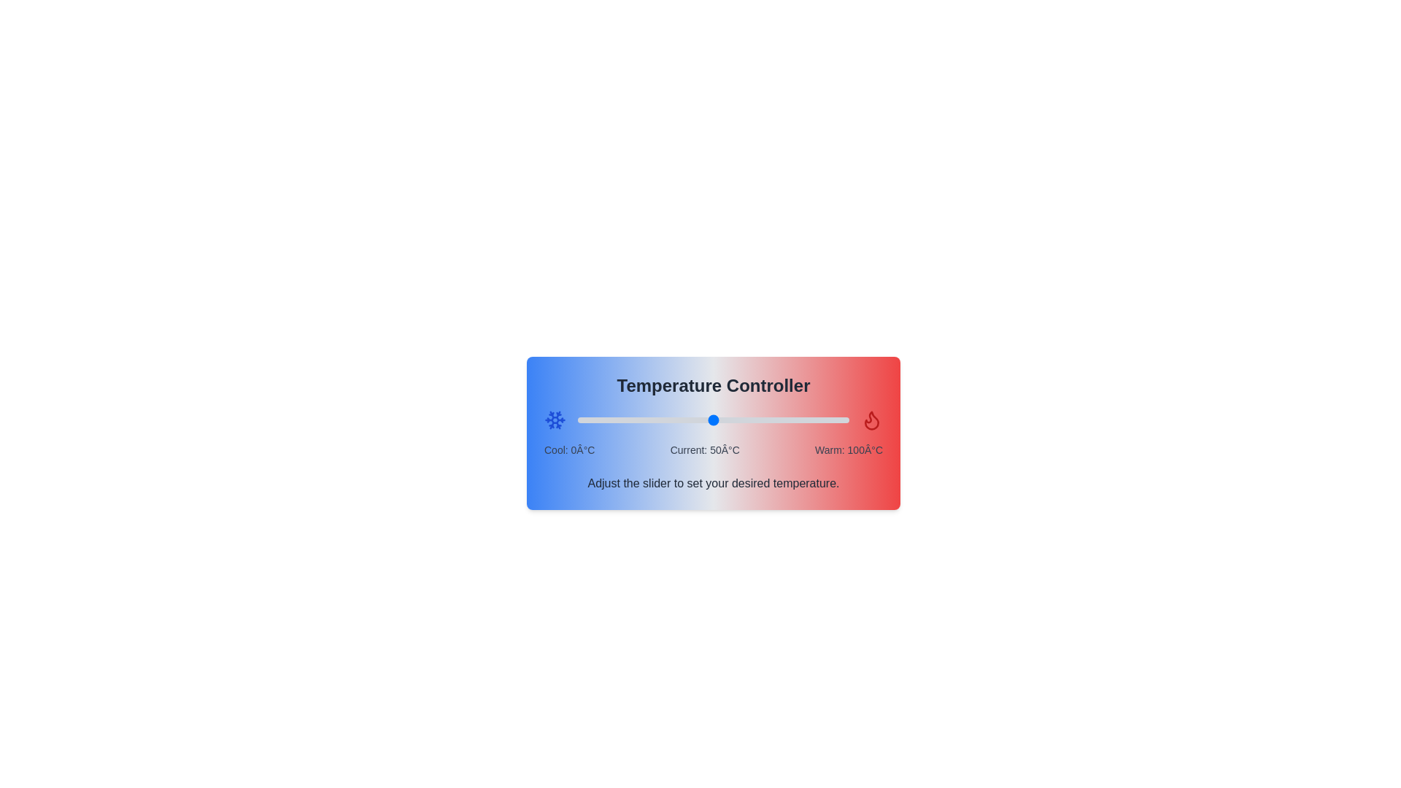 Image resolution: width=1401 pixels, height=788 pixels. Describe the element at coordinates (629, 420) in the screenshot. I see `the temperature slider to 19°C` at that location.